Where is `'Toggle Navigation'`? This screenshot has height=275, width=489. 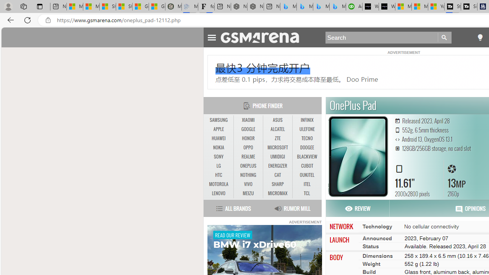 'Toggle Navigation' is located at coordinates (212, 36).